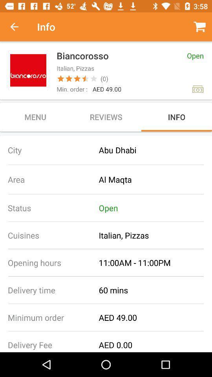  I want to click on al maqta item, so click(155, 179).